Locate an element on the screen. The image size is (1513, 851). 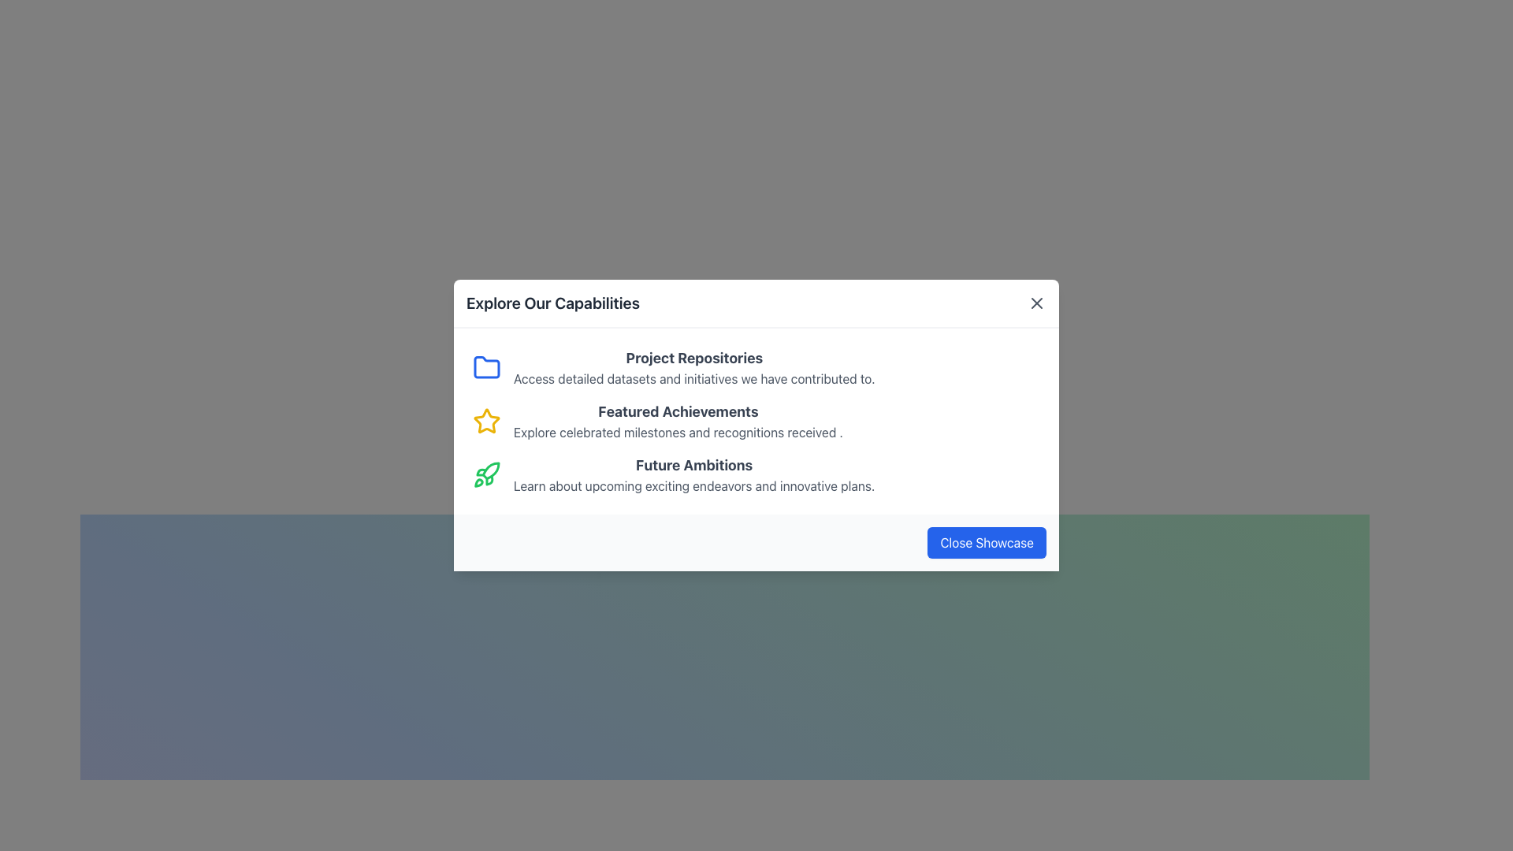
the informational text that describes the achievements and milestones, located beneath the heading 'Featured Achievements' in the second section of the list is located at coordinates (678, 432).